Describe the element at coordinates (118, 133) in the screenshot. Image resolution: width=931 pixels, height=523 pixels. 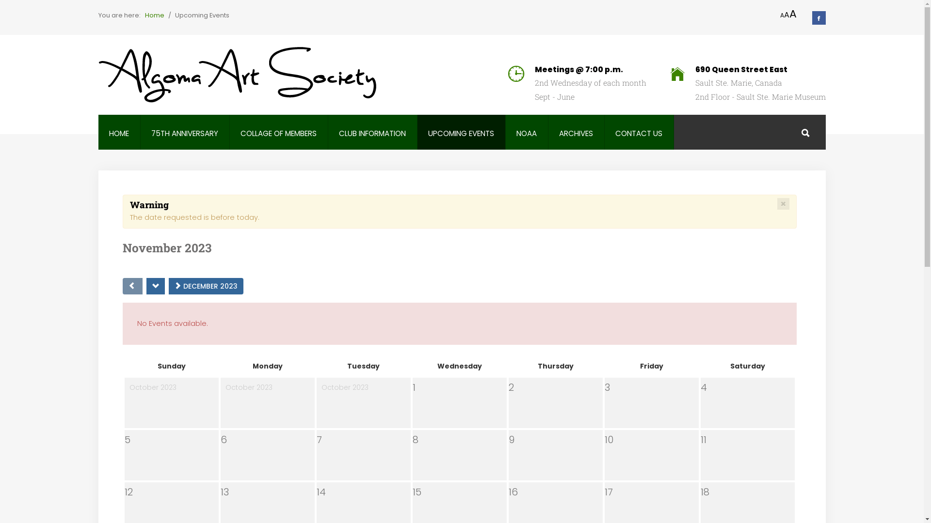
I see `'HOME'` at that location.